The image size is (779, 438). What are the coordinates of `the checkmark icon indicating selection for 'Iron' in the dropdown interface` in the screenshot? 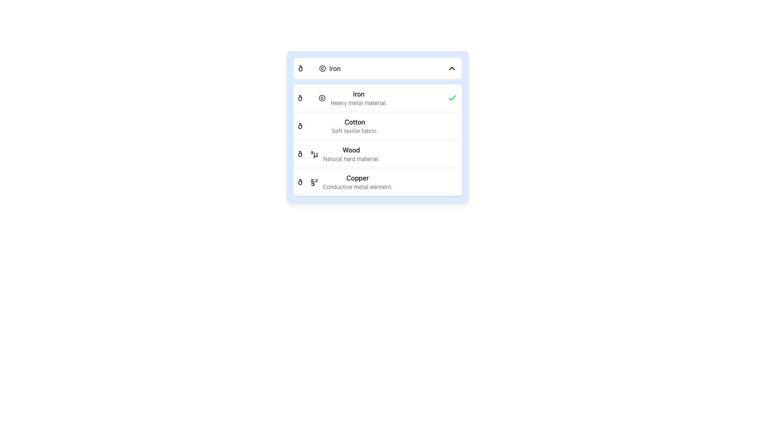 It's located at (452, 97).